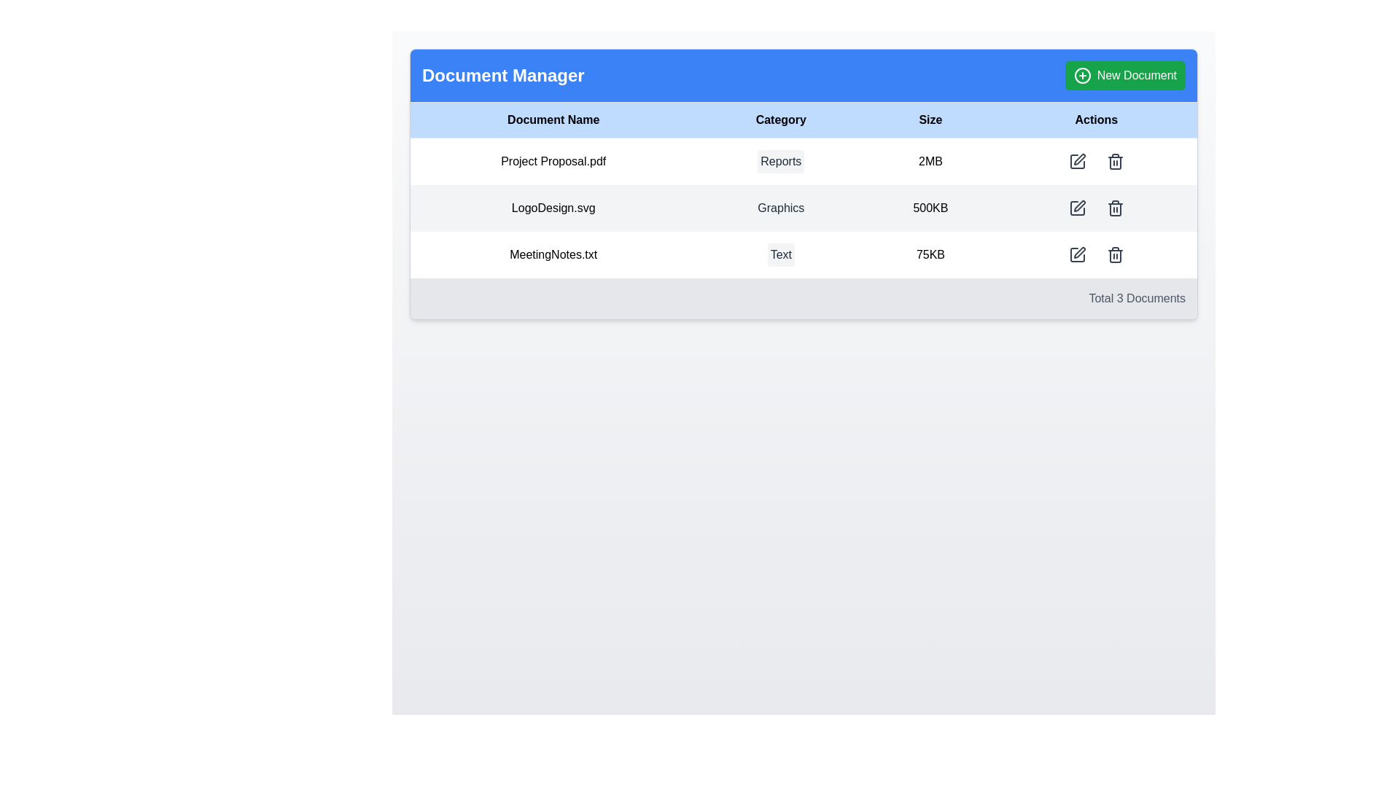 This screenshot has width=1400, height=787. What do you see at coordinates (780, 162) in the screenshot?
I see `the Text Label in the 'Category' column of the first row, which corresponds to the document 'Project Proposal.pdf' in the 'Document Name' column` at bounding box center [780, 162].